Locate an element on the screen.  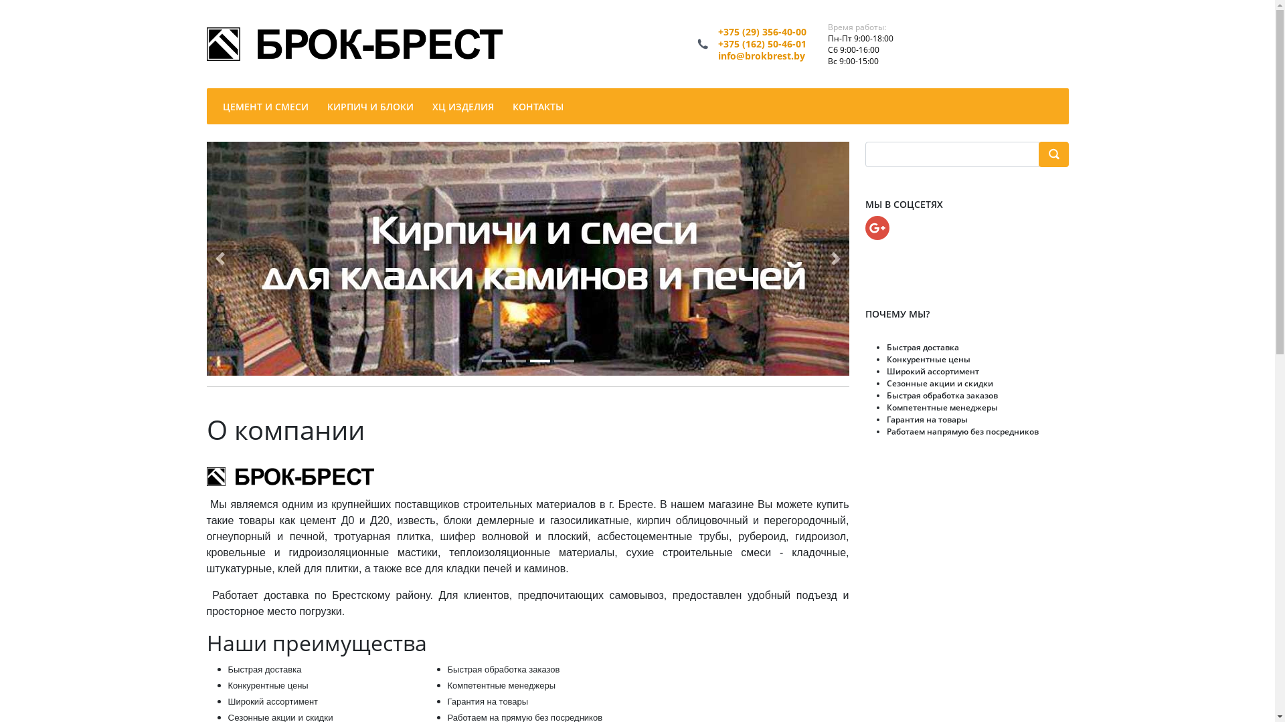
'+375 (29) 356-40-00' is located at coordinates (762, 31).